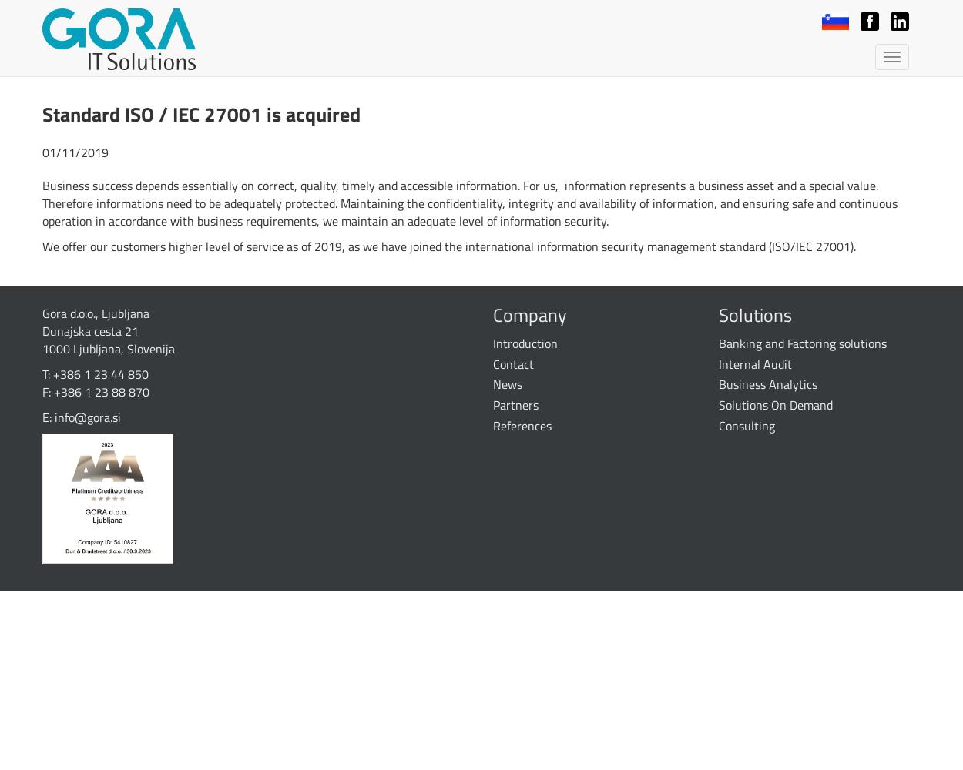 The image size is (963, 770). I want to click on 'Banking and Factoring solutions', so click(802, 342).